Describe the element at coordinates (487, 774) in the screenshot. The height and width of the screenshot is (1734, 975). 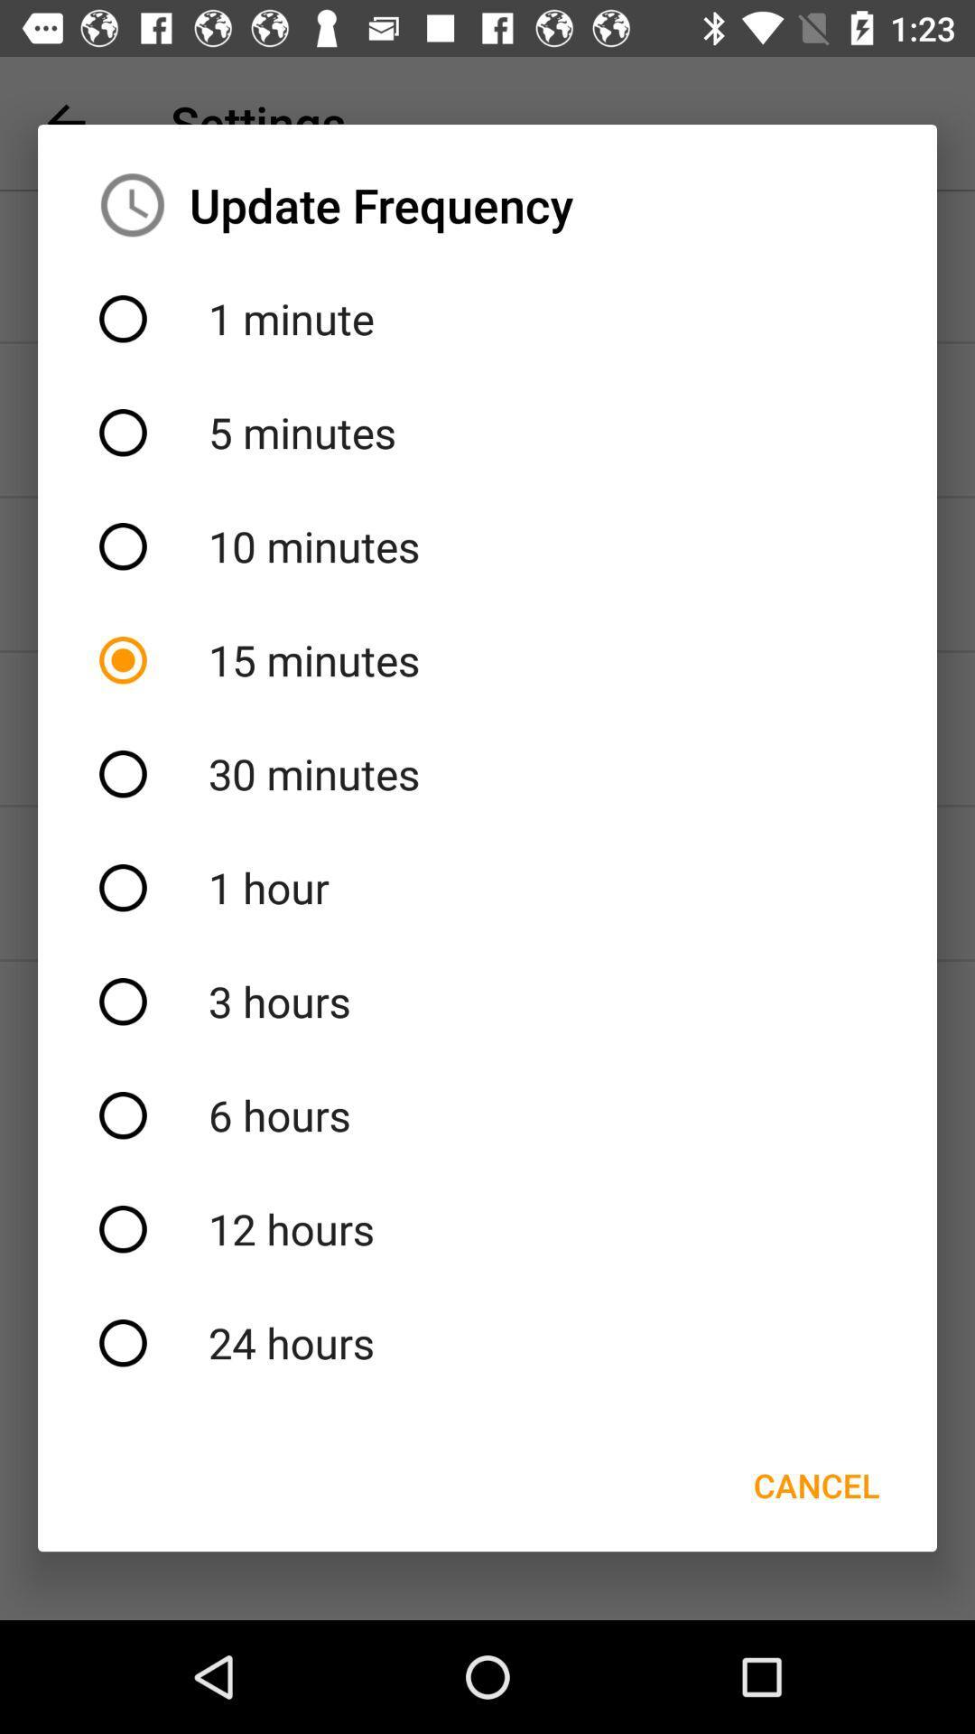
I see `30 minutes icon` at that location.